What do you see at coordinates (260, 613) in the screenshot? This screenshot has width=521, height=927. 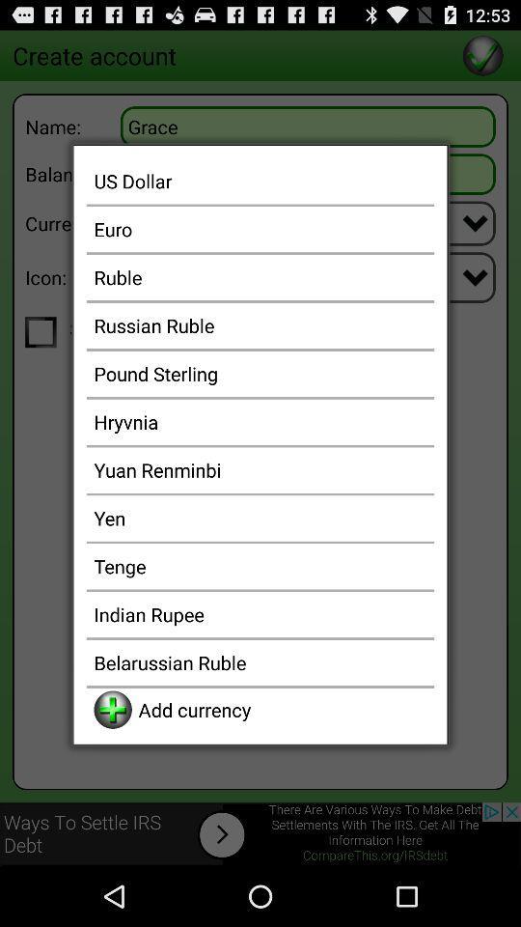 I see `the icon below the tenge app` at bounding box center [260, 613].